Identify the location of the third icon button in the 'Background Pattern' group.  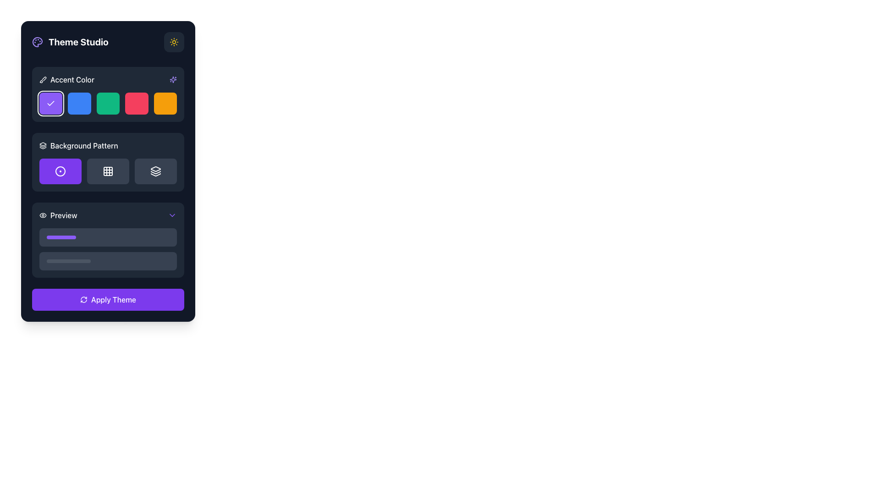
(43, 145).